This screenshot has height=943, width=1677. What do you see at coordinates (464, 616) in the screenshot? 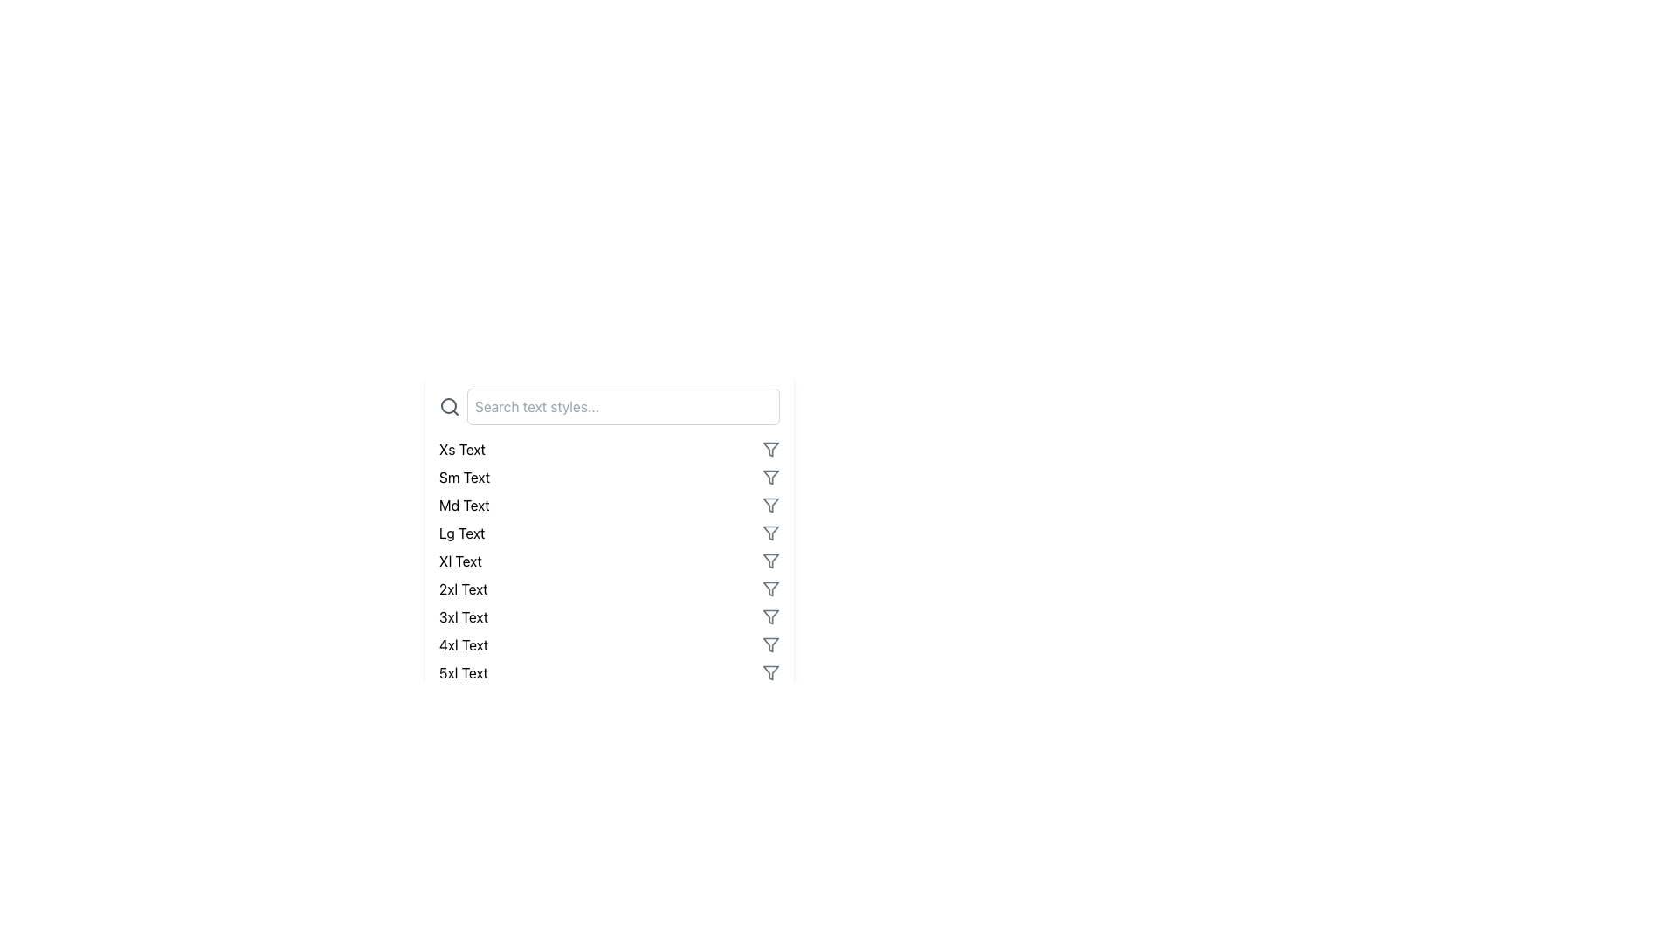
I see `the '3xl Text' label, which is the third entry from the bottom in the list of text styles, indicating a specific font style or size category` at bounding box center [464, 616].